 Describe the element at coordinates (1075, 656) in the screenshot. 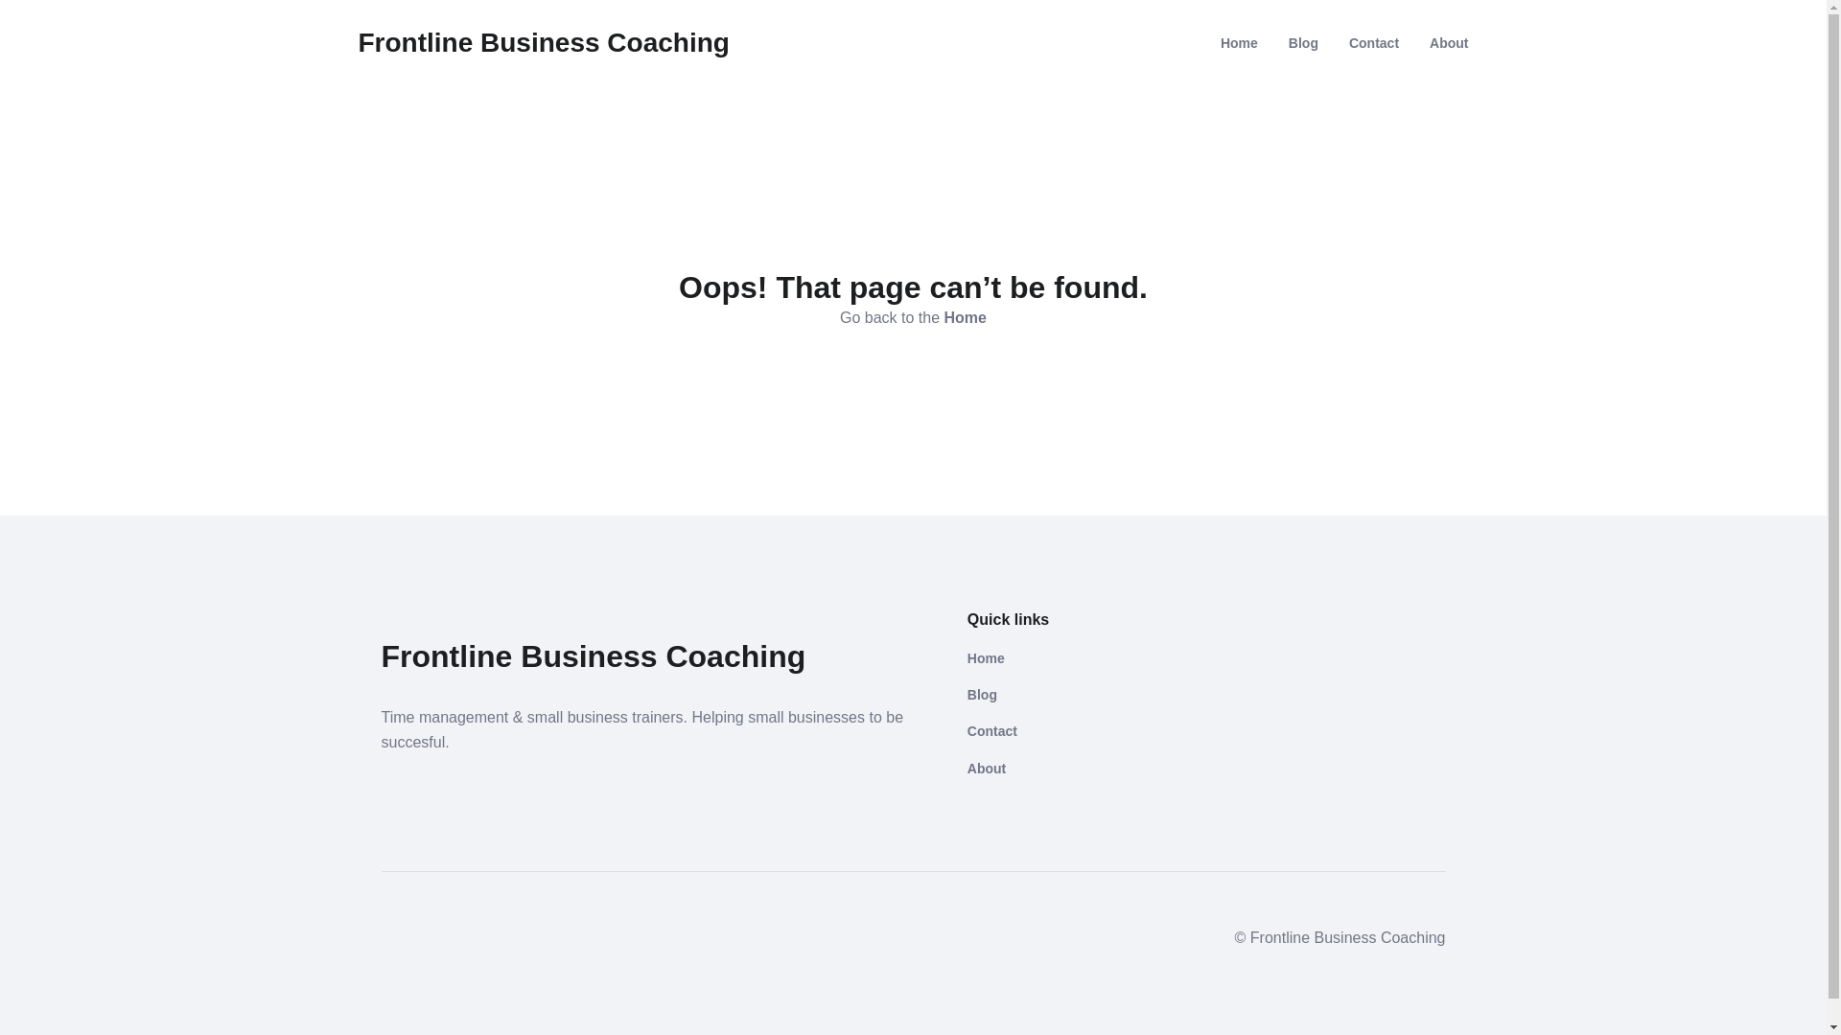

I see `'Home'` at that location.